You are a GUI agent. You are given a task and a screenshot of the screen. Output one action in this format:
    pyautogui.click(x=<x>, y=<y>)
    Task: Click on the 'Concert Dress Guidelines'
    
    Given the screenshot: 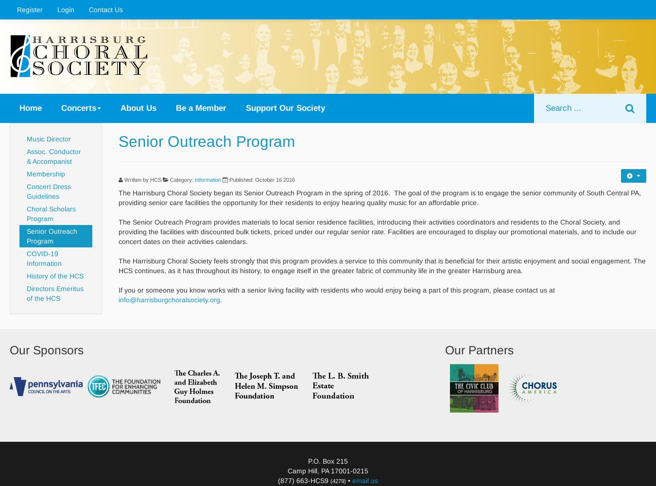 What is the action you would take?
    pyautogui.click(x=48, y=191)
    